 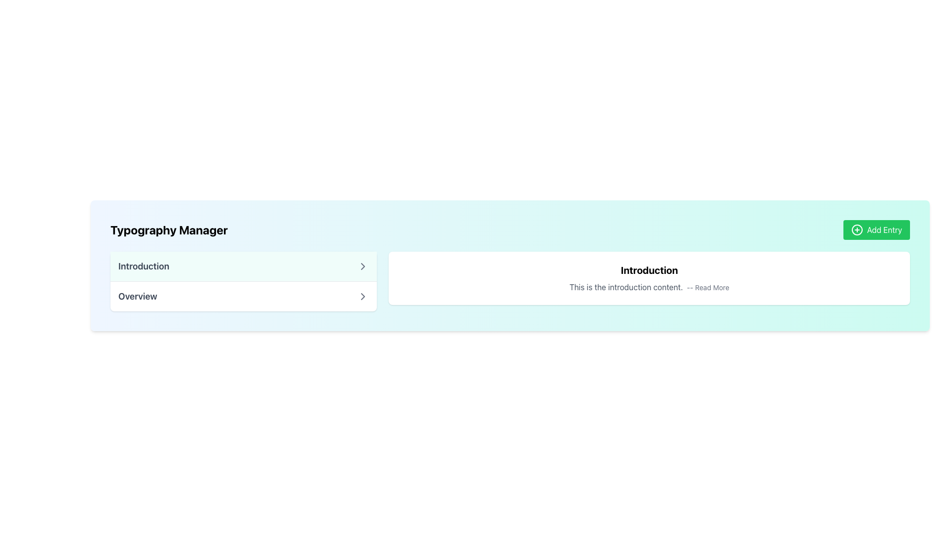 I want to click on the first selectable item in the sidebar menu that leads to the 'Introduction' content, so click(x=244, y=266).